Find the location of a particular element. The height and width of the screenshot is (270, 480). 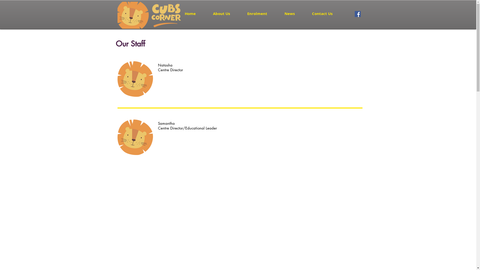

'Home' is located at coordinates (195, 13).